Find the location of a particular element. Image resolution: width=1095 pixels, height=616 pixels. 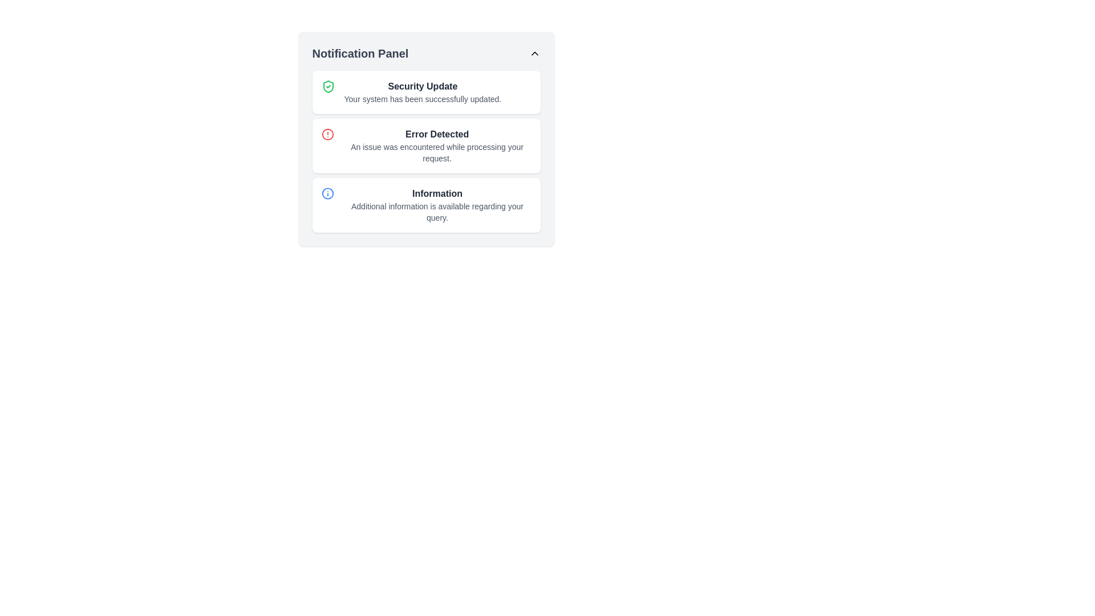

the 'Security Update' informational block, which is styled with bold title and regular description, located in the notification panel is located at coordinates (422, 92).